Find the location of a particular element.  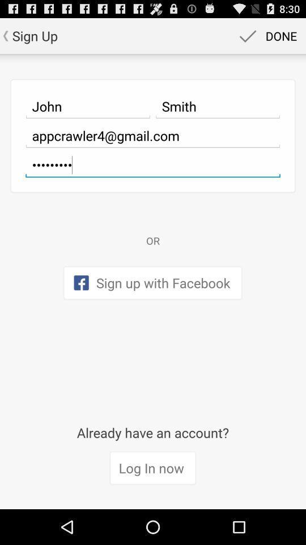

done item is located at coordinates (266, 35).